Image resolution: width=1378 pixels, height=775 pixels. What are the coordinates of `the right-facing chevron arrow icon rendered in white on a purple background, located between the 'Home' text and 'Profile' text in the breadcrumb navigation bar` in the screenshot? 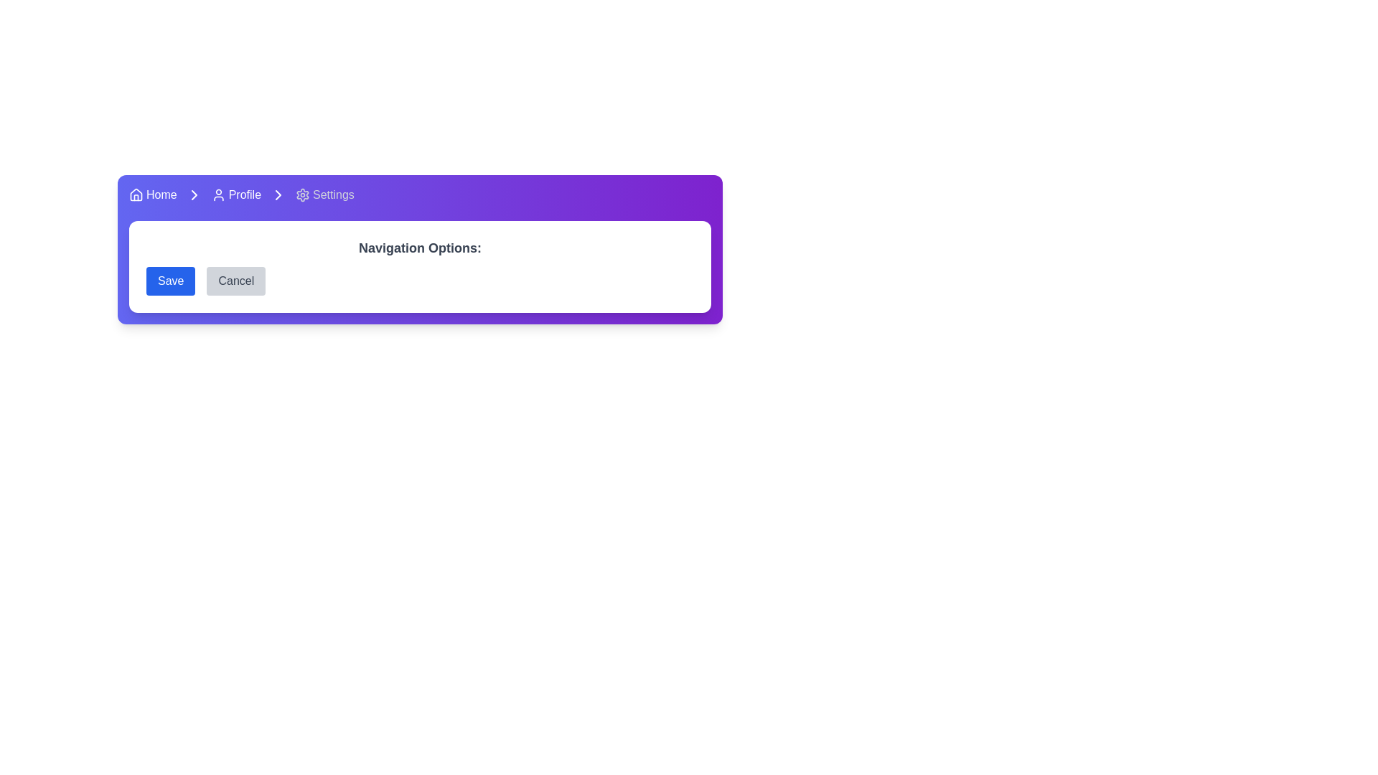 It's located at (193, 195).